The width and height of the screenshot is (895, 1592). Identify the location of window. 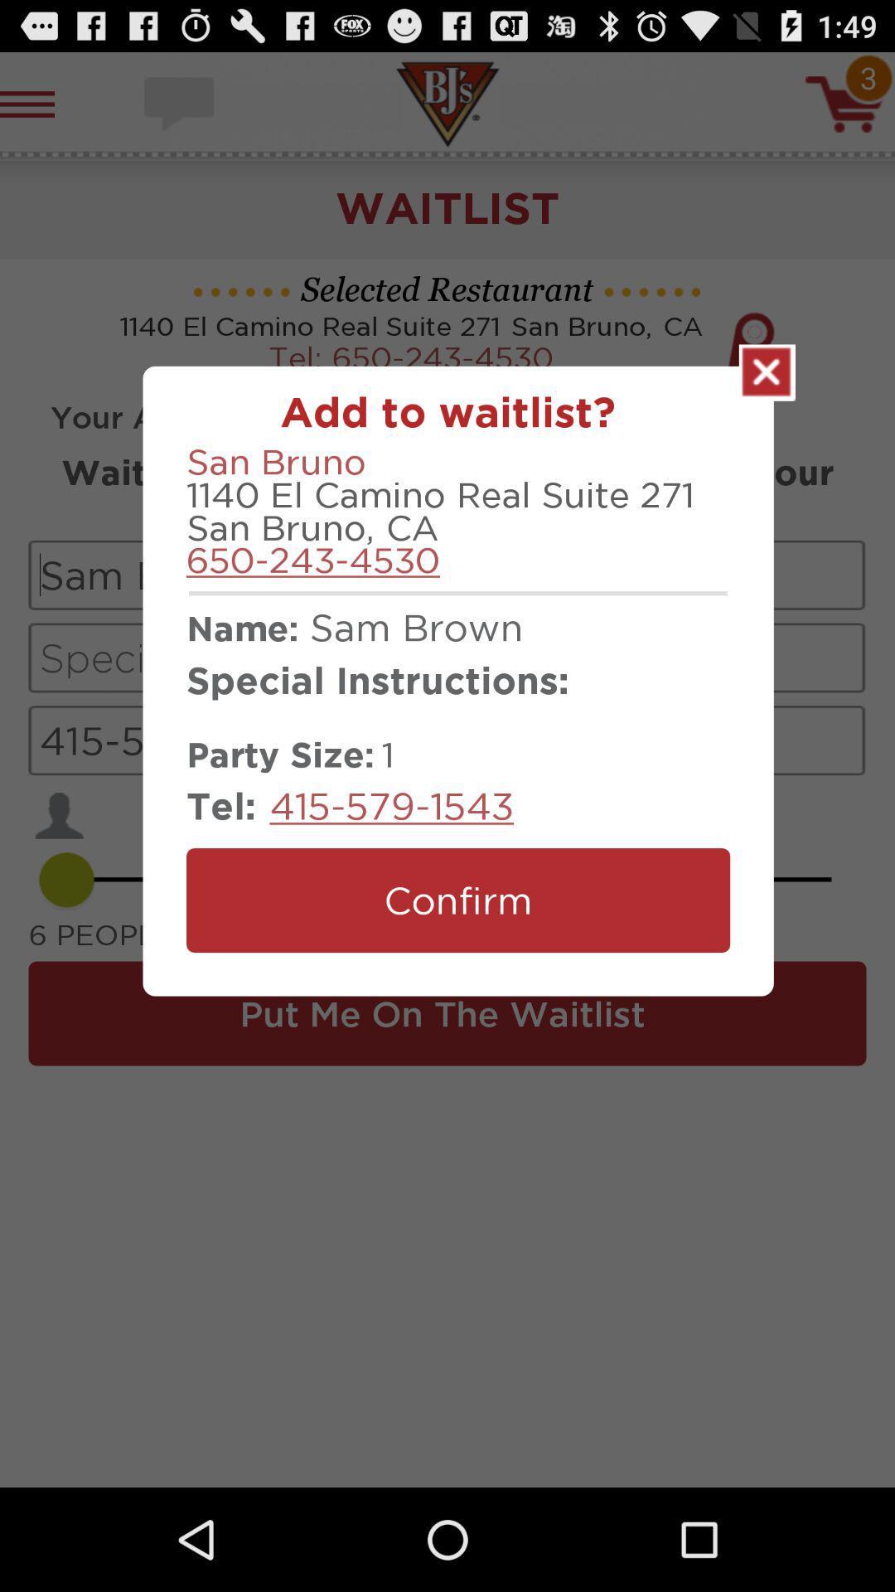
(767, 371).